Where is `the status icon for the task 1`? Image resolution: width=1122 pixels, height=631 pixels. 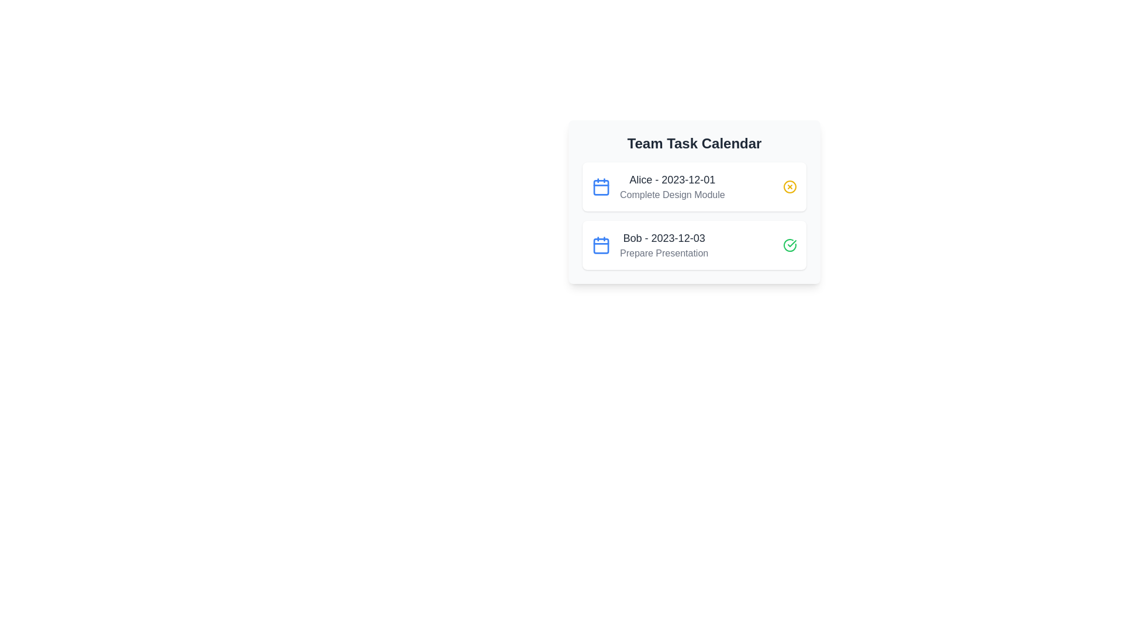
the status icon for the task 1 is located at coordinates (790, 186).